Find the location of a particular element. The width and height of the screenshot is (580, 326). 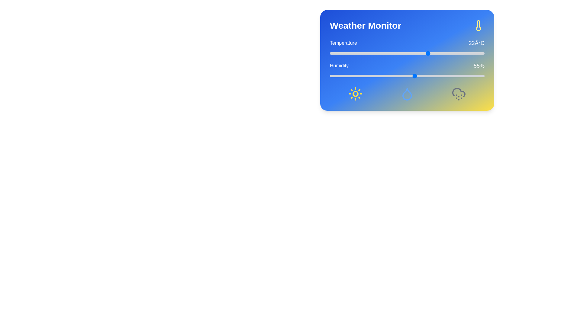

the rain cloud icon is located at coordinates (459, 94).